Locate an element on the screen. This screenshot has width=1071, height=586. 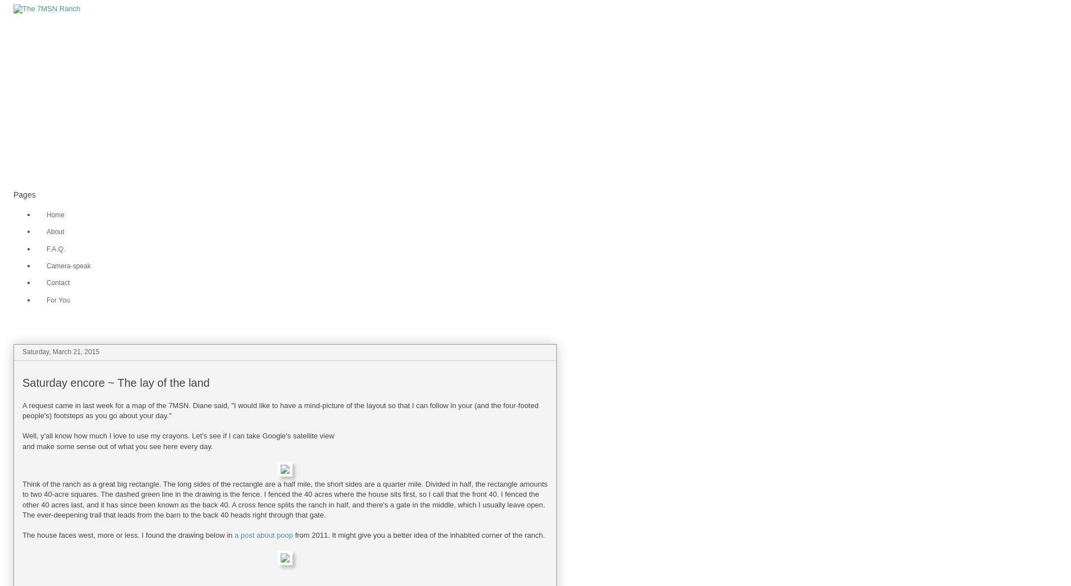
'from 2011. It might give you a better idea of the inhabited corner of the ranch.' is located at coordinates (419, 534).